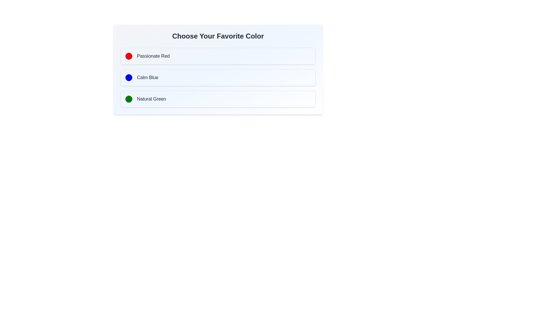  What do you see at coordinates (147, 77) in the screenshot?
I see `the 'Calm Blue' text label located in the second row beneath 'Choose Your Favorite Color', positioned between 'Passionate Red' and 'Natural Green'` at bounding box center [147, 77].